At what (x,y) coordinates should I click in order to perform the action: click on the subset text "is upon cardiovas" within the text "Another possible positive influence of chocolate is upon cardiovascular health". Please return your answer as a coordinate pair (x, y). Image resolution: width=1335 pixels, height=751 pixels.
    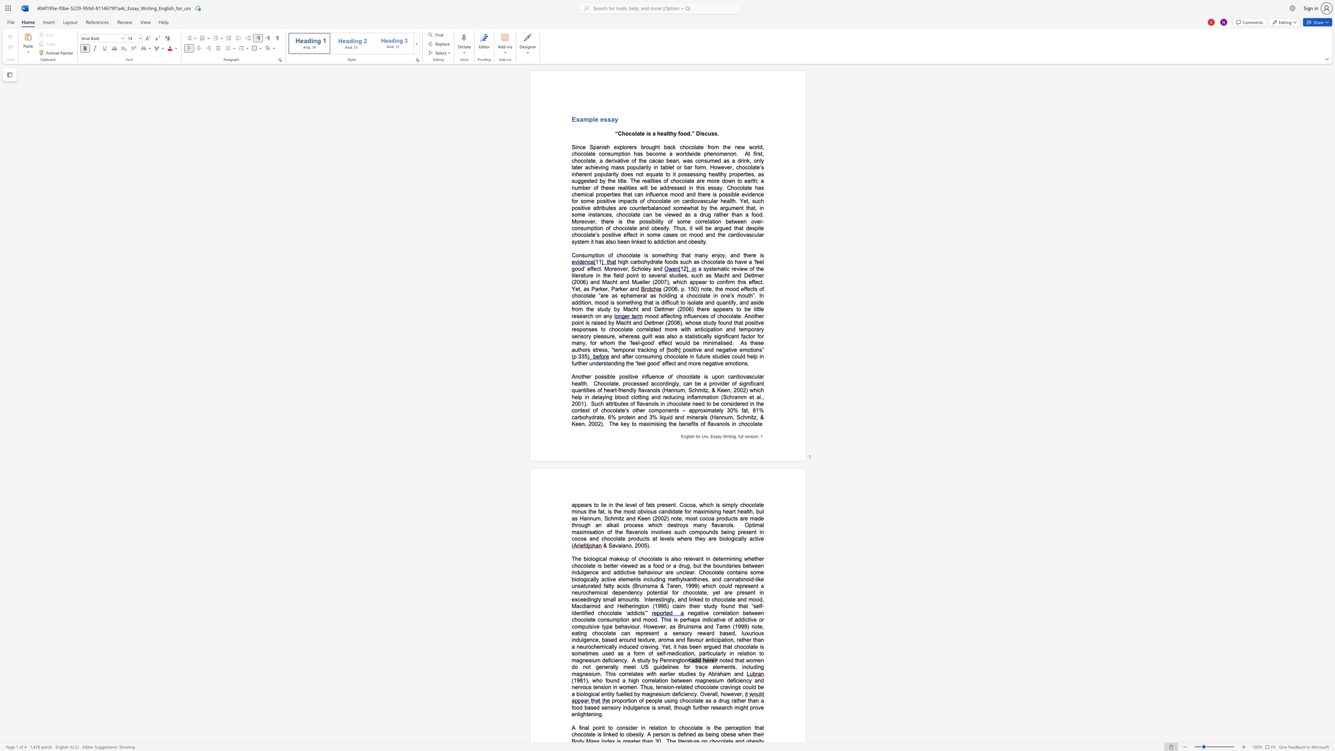
    Looking at the image, I should click on (703, 376).